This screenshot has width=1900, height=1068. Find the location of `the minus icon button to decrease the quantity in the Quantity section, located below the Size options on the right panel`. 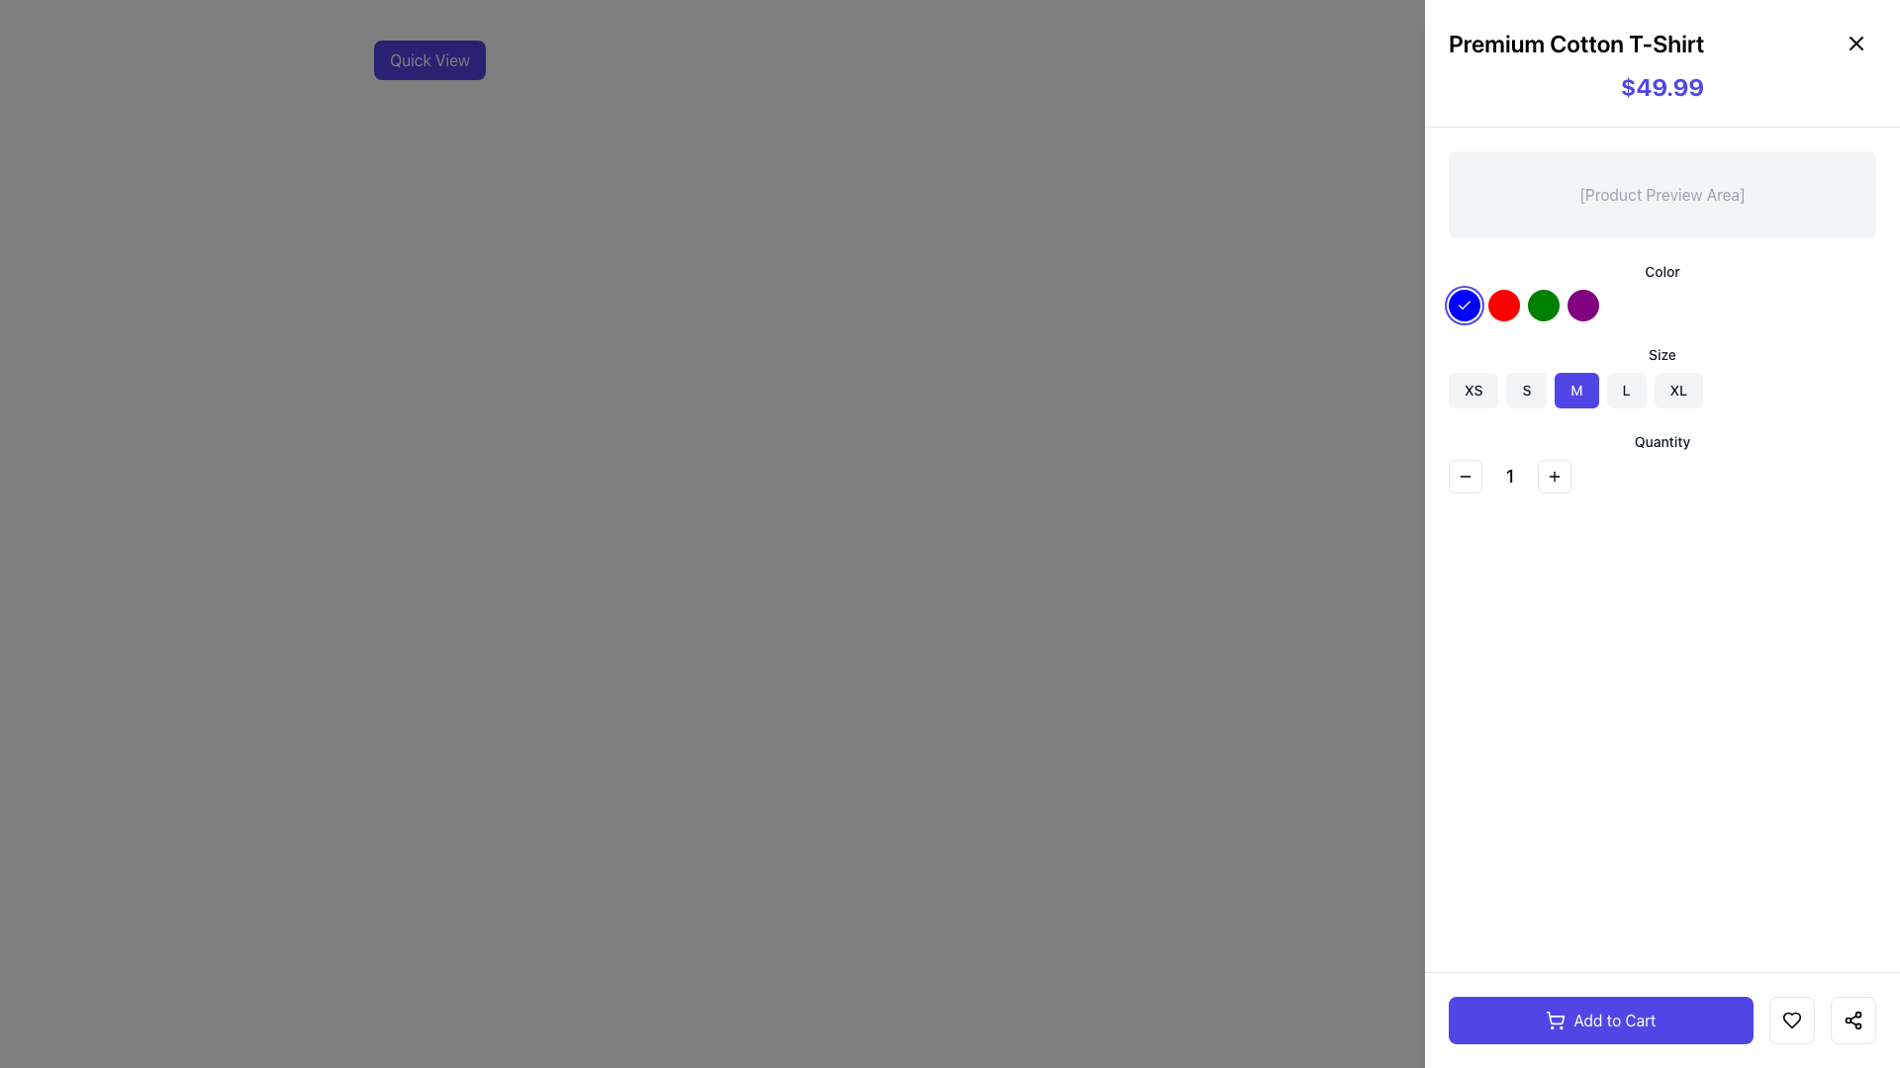

the minus icon button to decrease the quantity in the Quantity section, located below the Size options on the right panel is located at coordinates (1466, 477).